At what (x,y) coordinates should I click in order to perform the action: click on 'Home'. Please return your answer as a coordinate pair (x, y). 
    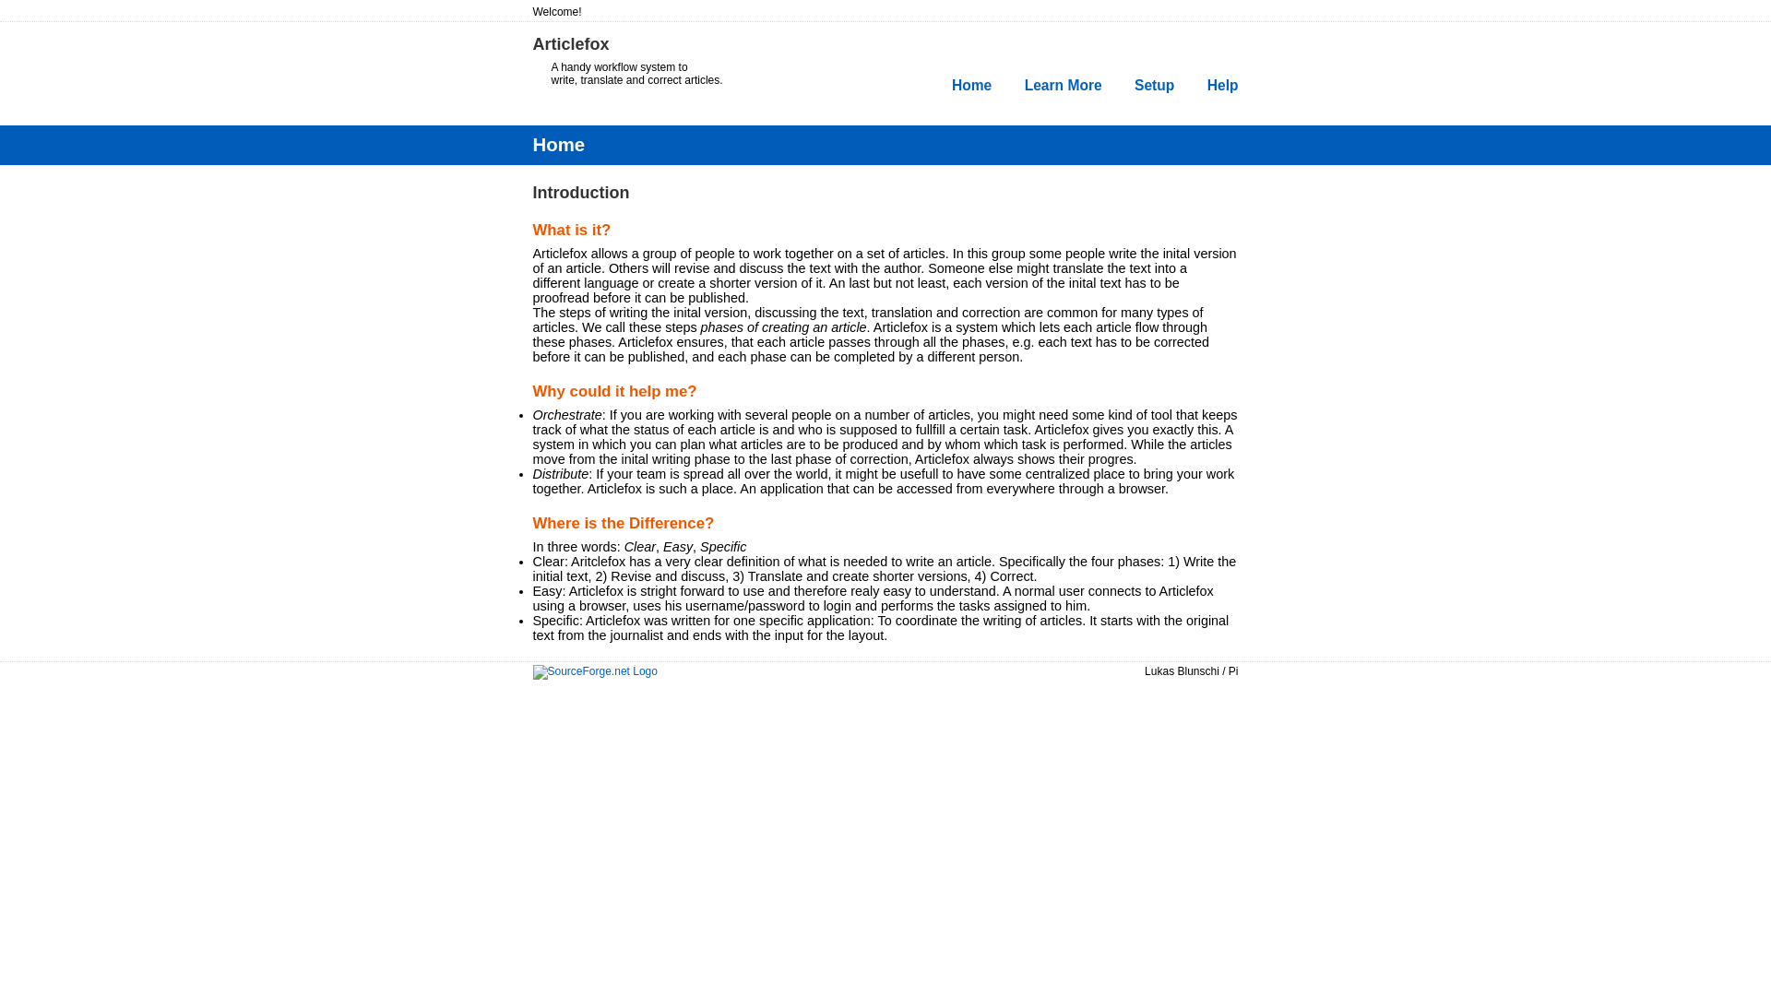
    Looking at the image, I should click on (970, 85).